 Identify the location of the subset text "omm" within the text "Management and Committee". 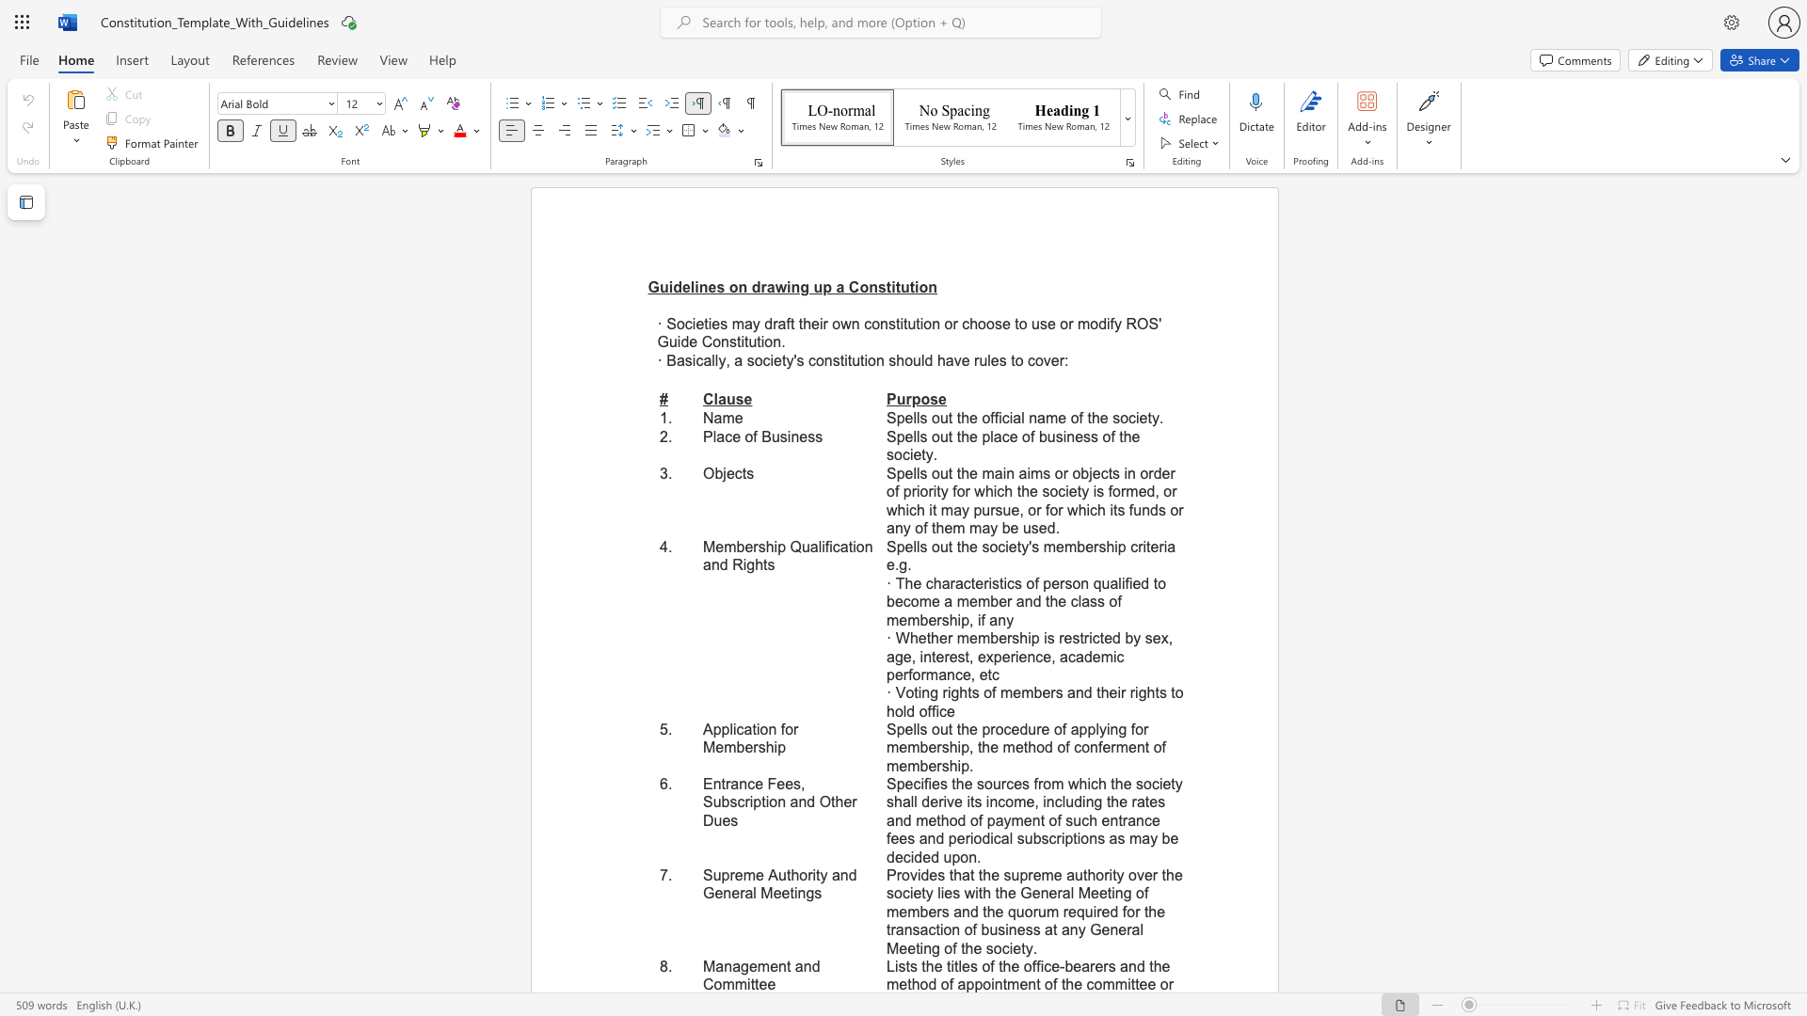
(712, 983).